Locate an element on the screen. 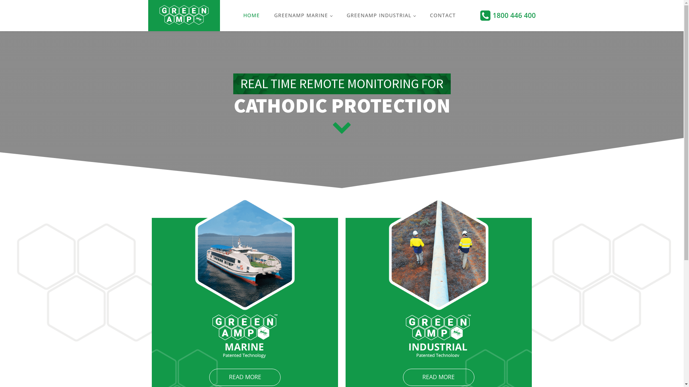  '1800 446 400' is located at coordinates (492, 15).